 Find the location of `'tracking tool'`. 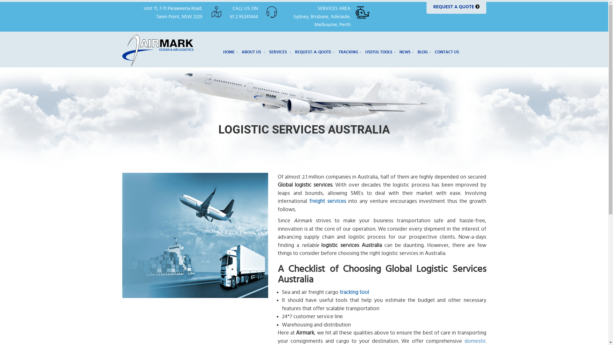

'tracking tool' is located at coordinates (354, 292).